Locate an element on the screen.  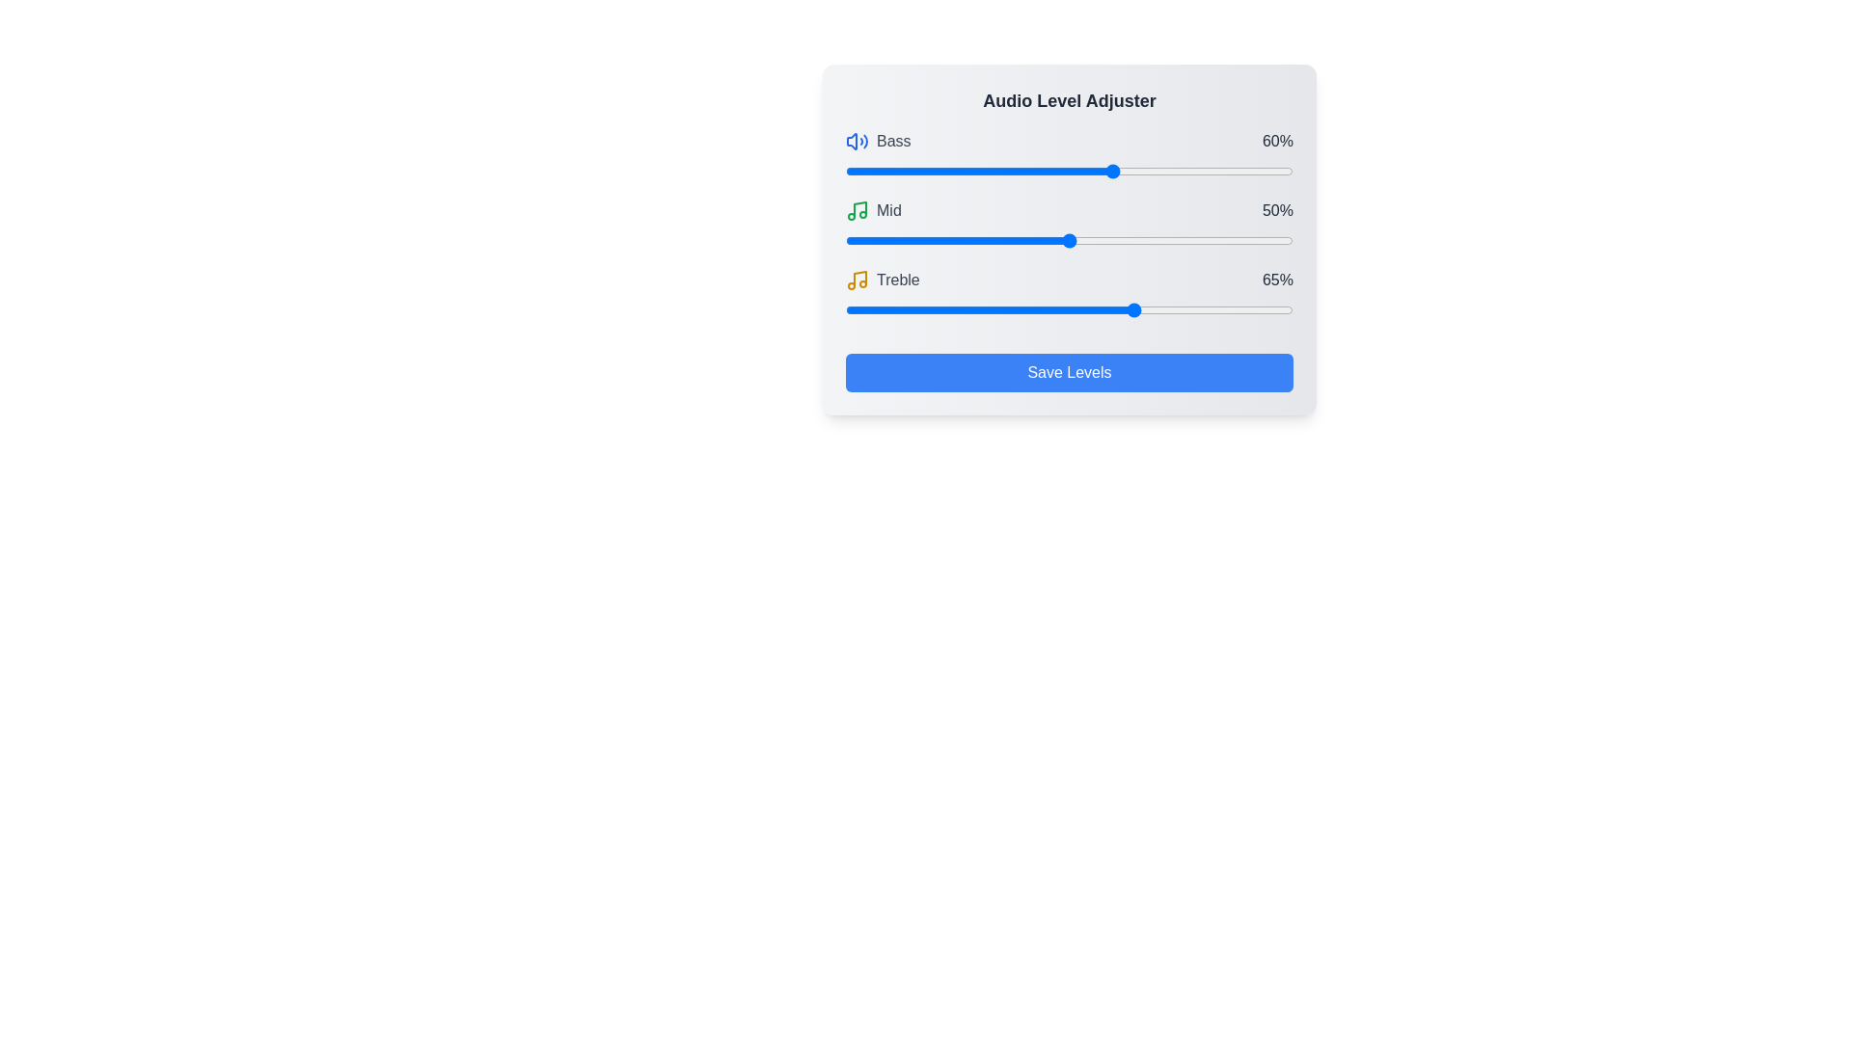
the treble adjustment icon located beside the text 'Treble' in the third row of icons and labels is located at coordinates (859, 279).